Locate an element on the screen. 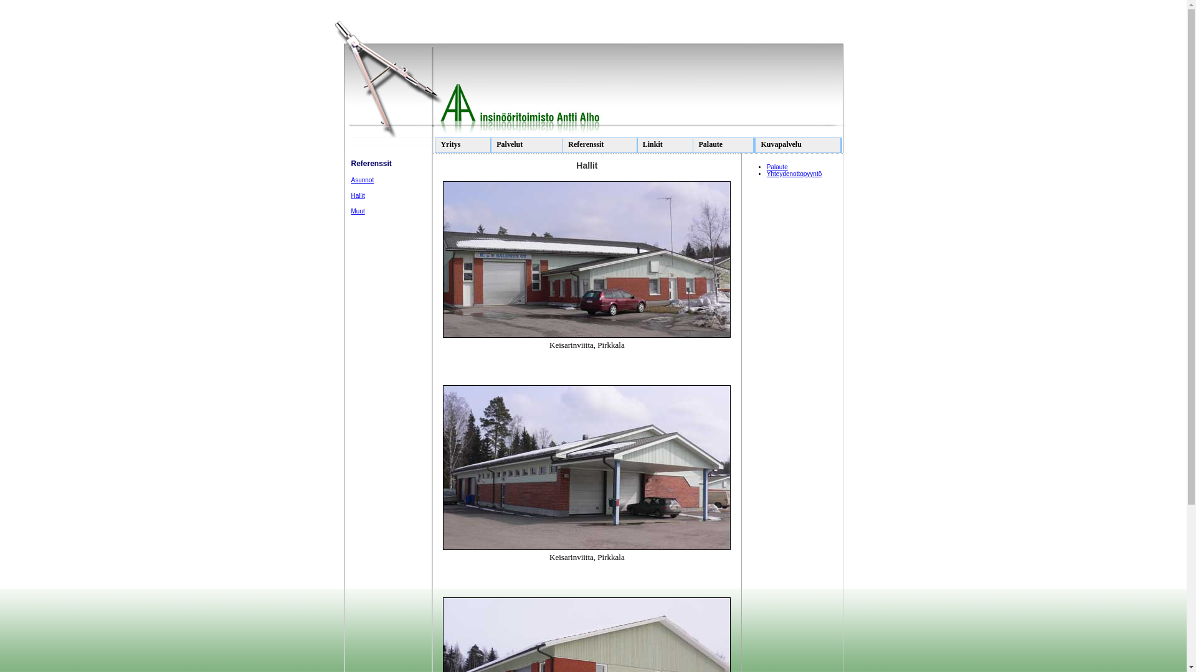 Image resolution: width=1196 pixels, height=672 pixels. 'Referenssit' is located at coordinates (600, 144).